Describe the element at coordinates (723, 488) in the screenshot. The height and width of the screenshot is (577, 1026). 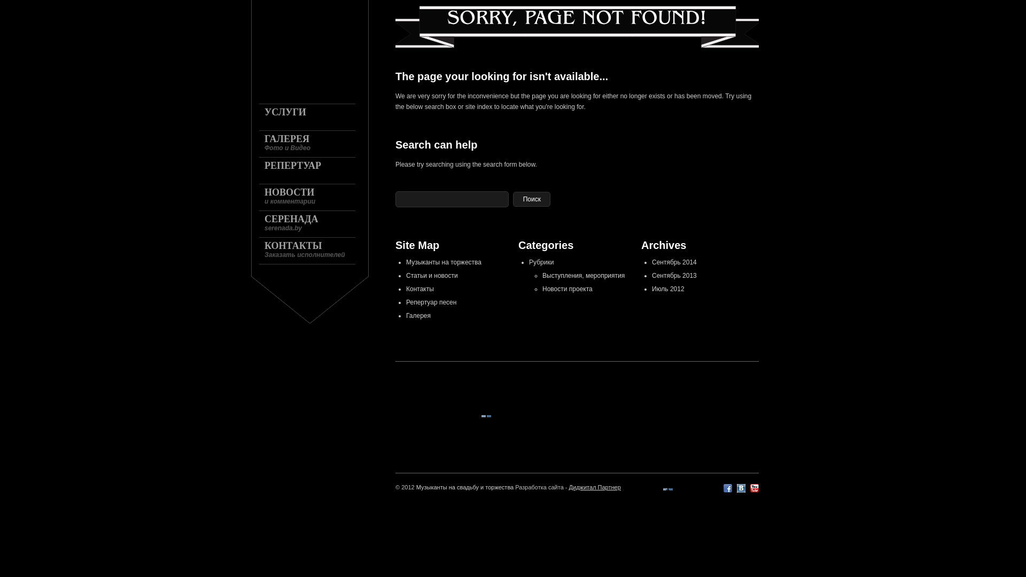
I see `'Facebook'` at that location.